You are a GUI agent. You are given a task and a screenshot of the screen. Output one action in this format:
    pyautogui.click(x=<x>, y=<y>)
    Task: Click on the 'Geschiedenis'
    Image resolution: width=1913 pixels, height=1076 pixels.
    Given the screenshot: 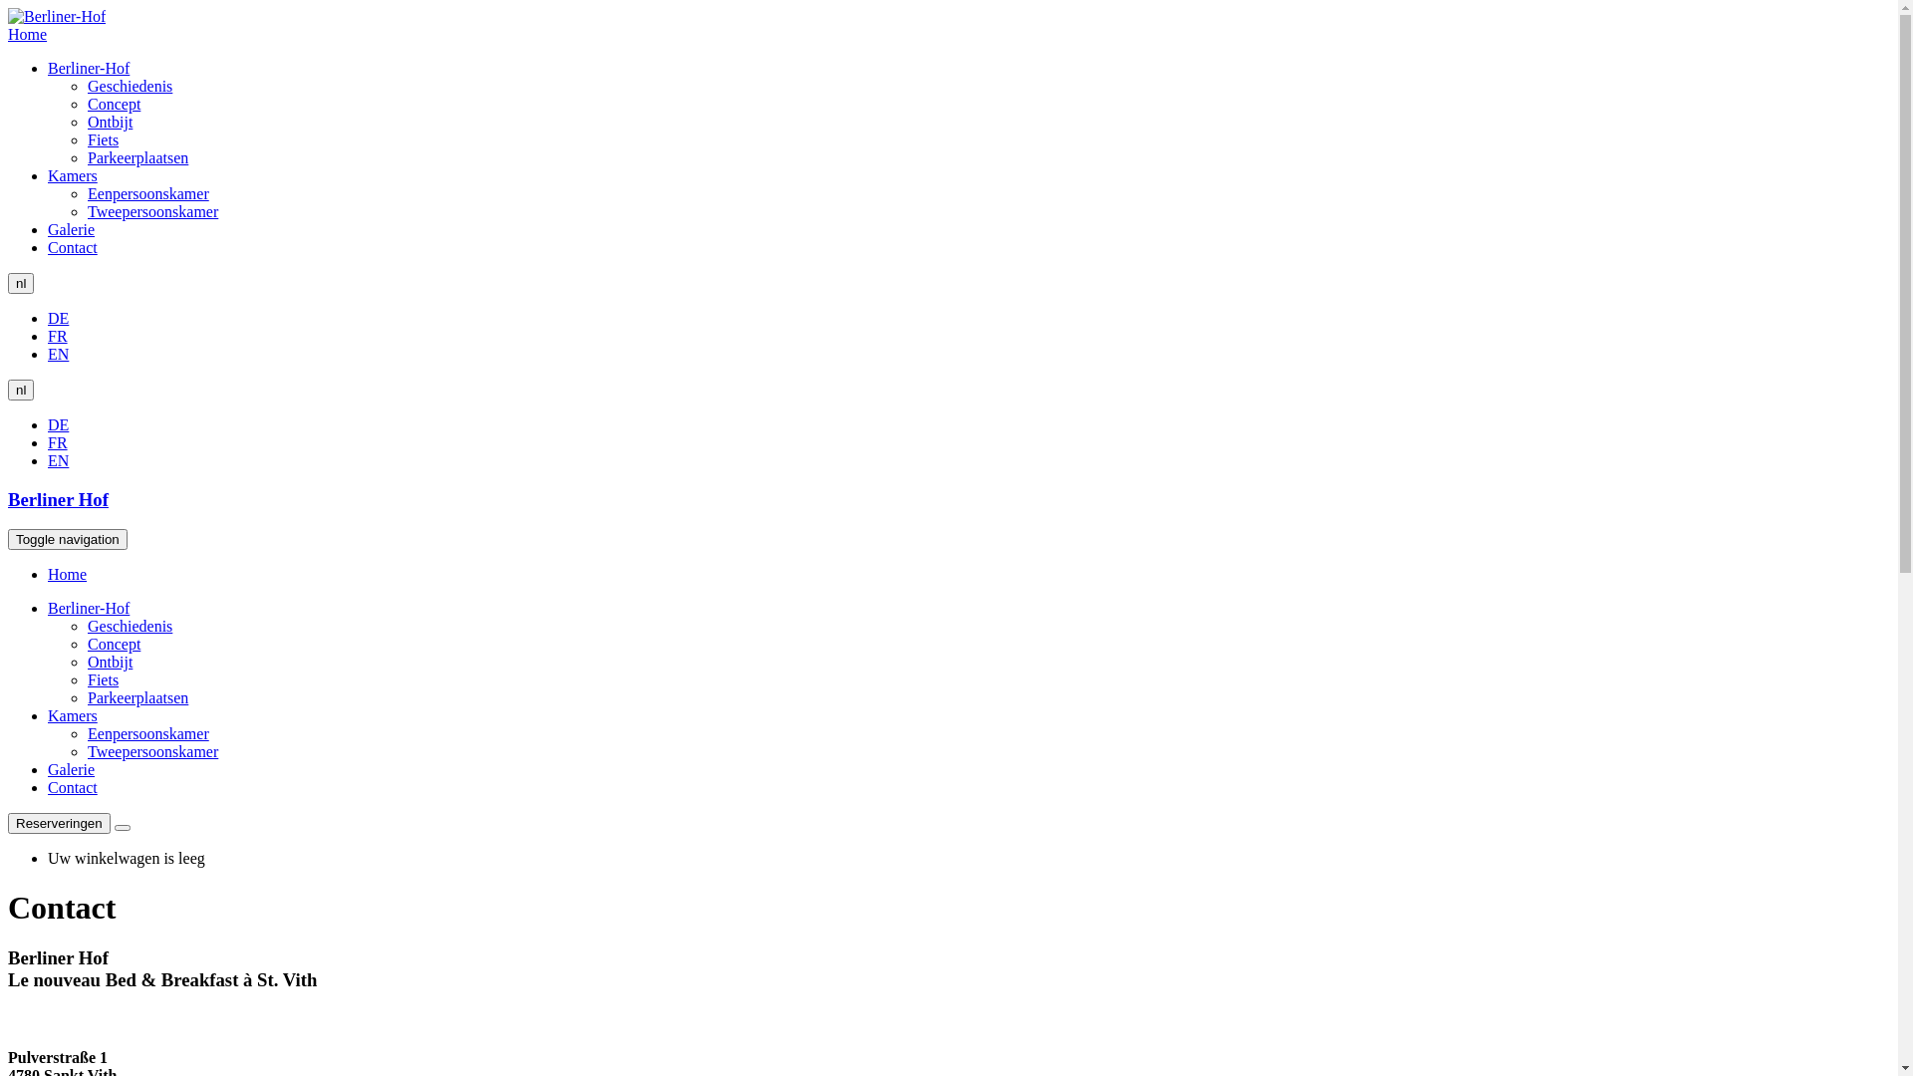 What is the action you would take?
    pyautogui.click(x=86, y=625)
    